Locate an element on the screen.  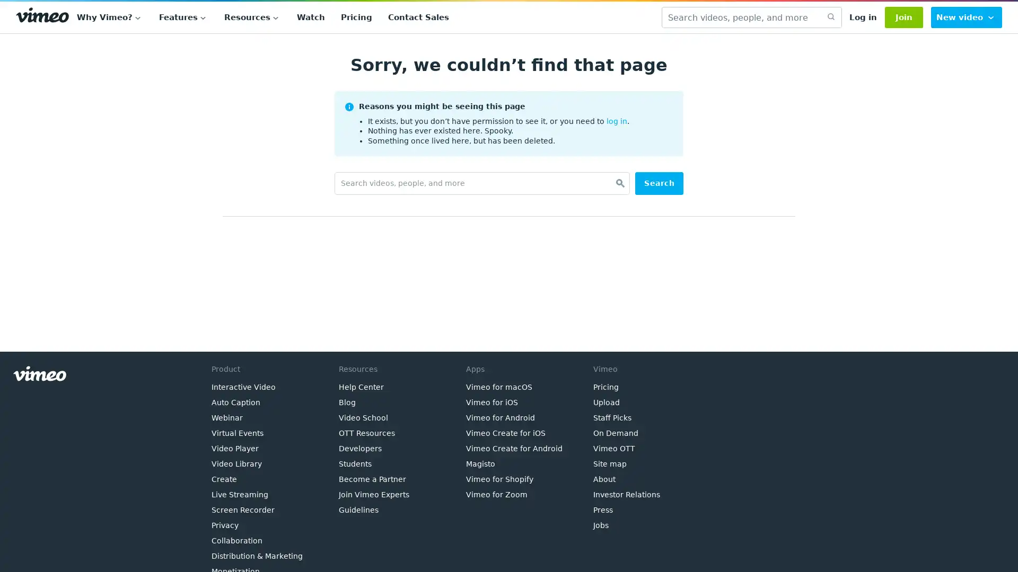
Contact Sales is located at coordinates (418, 17).